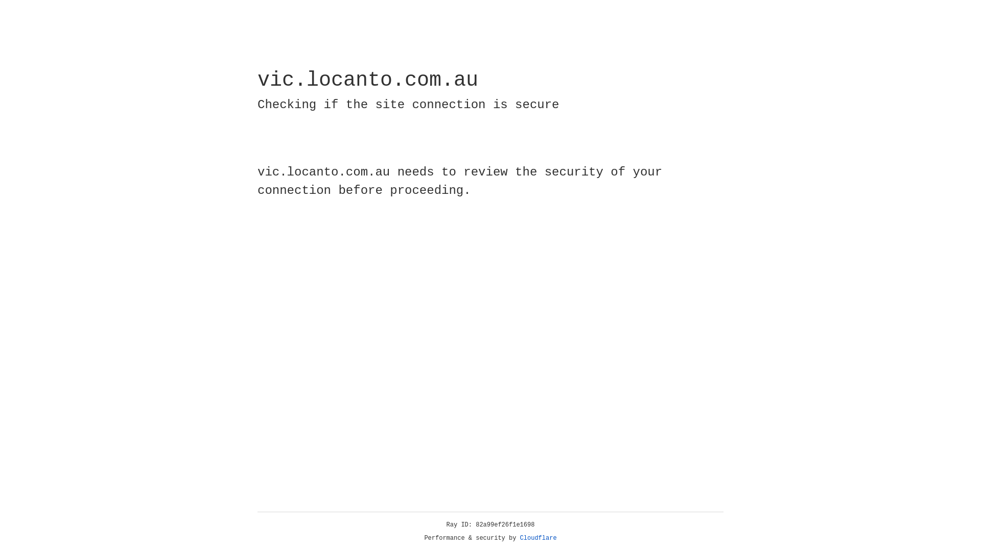 This screenshot has width=981, height=551. I want to click on 'Cloudflare', so click(538, 538).